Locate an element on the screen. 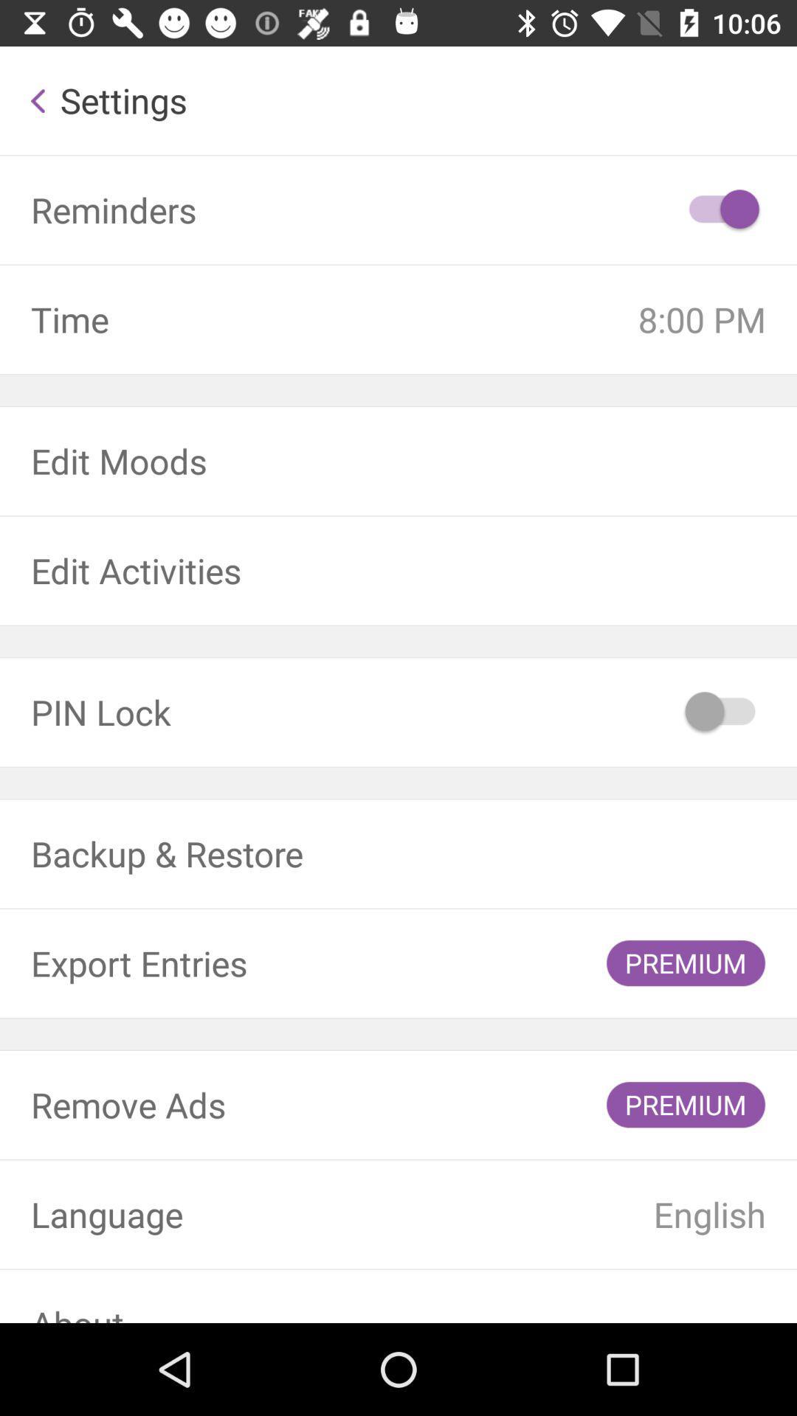 The image size is (797, 1416). icon next to reminders item is located at coordinates (721, 209).